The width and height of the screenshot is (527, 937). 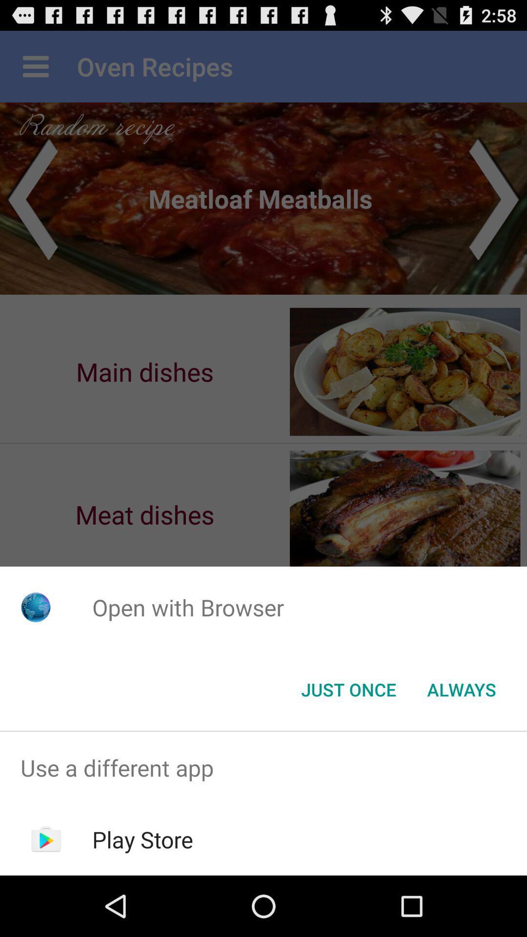 What do you see at coordinates (348, 689) in the screenshot?
I see `the icon to the left of the always` at bounding box center [348, 689].